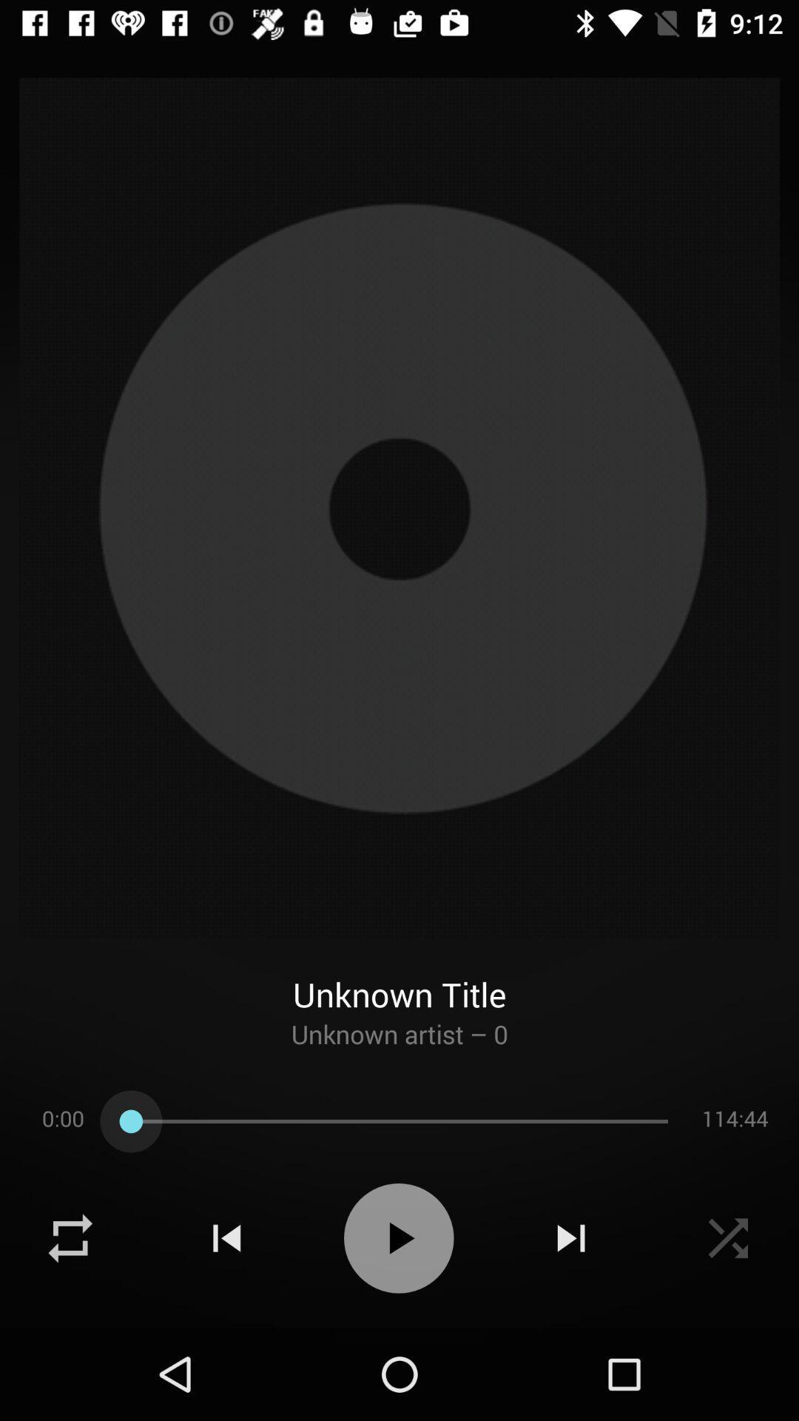  Describe the element at coordinates (226, 1238) in the screenshot. I see `the skip_previous icon` at that location.